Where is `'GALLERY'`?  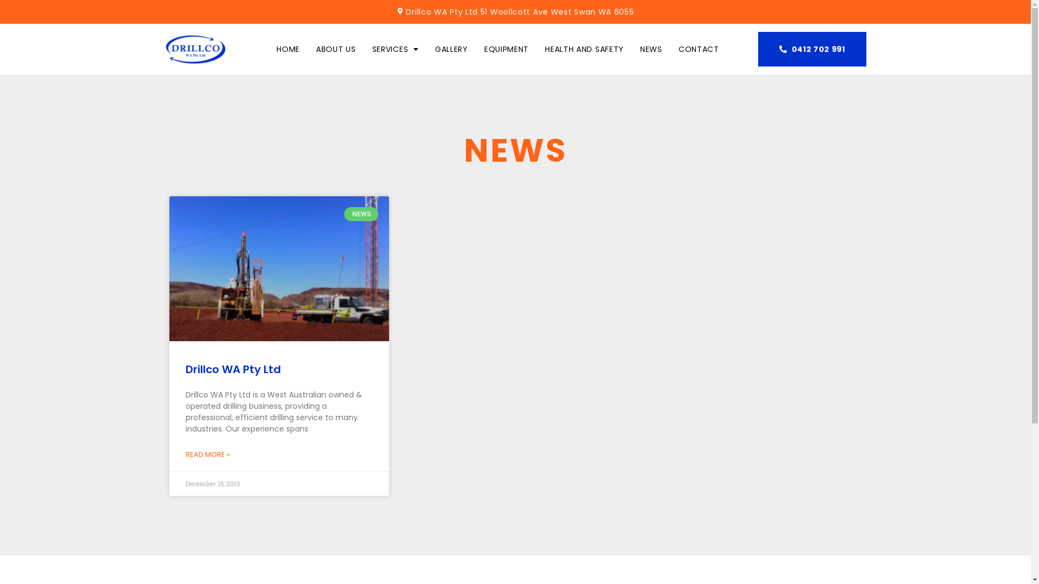
'GALLERY' is located at coordinates (451, 49).